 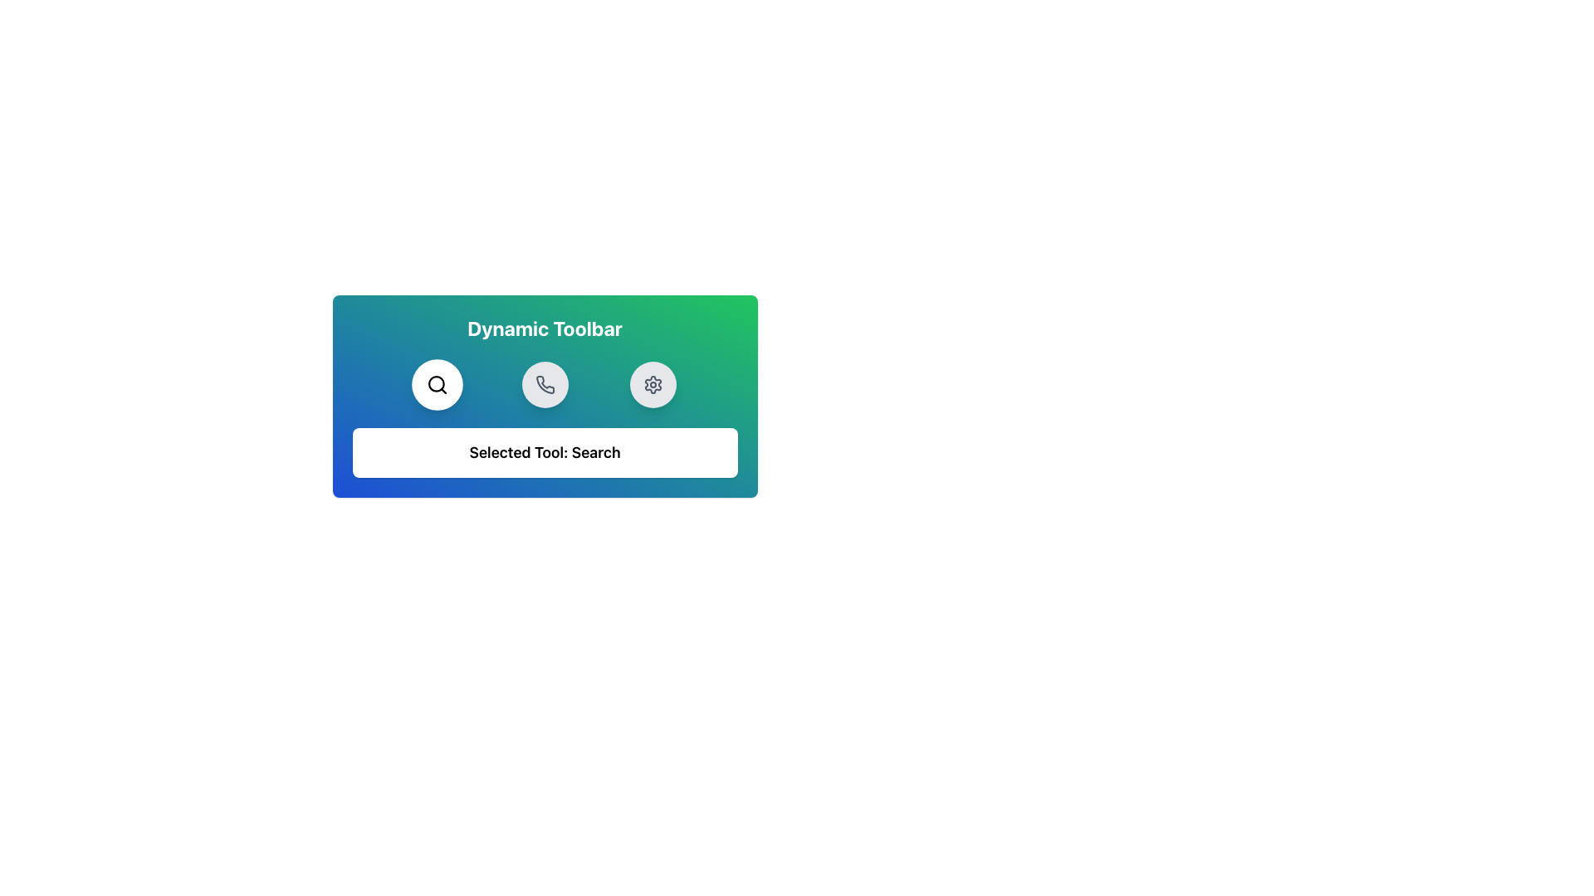 What do you see at coordinates (545, 453) in the screenshot?
I see `the text label displaying 'Selected Tool: Search', which is centered in a rounded, shadowed white rectangle near the bottom of the toolbar interface` at bounding box center [545, 453].